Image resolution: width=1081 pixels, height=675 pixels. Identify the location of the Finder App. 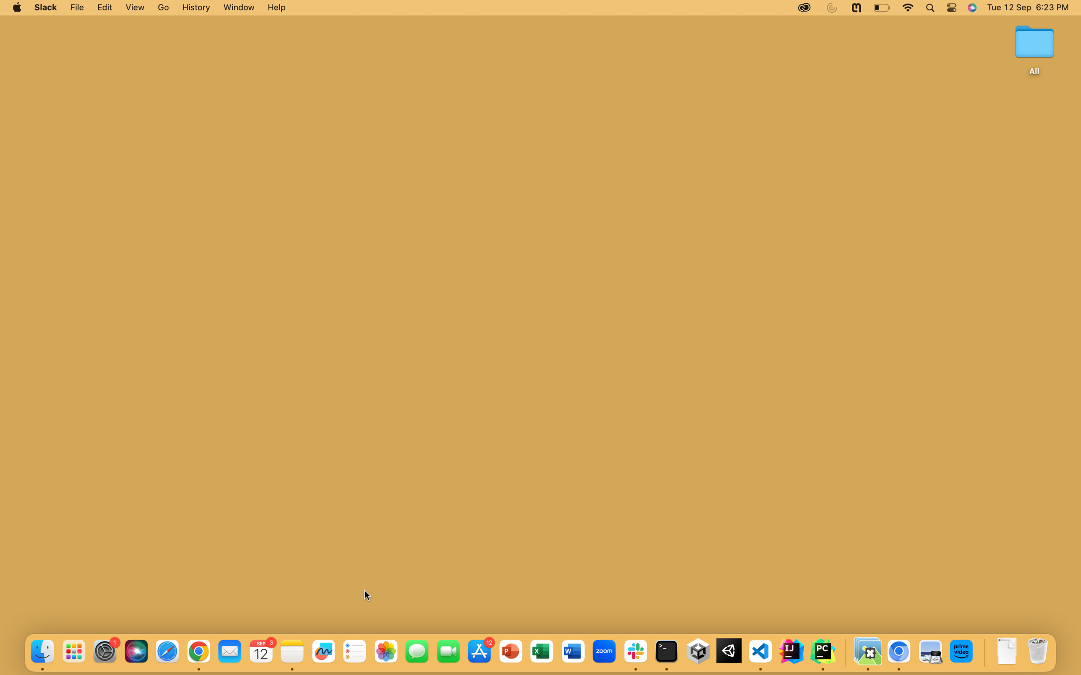
(42, 652).